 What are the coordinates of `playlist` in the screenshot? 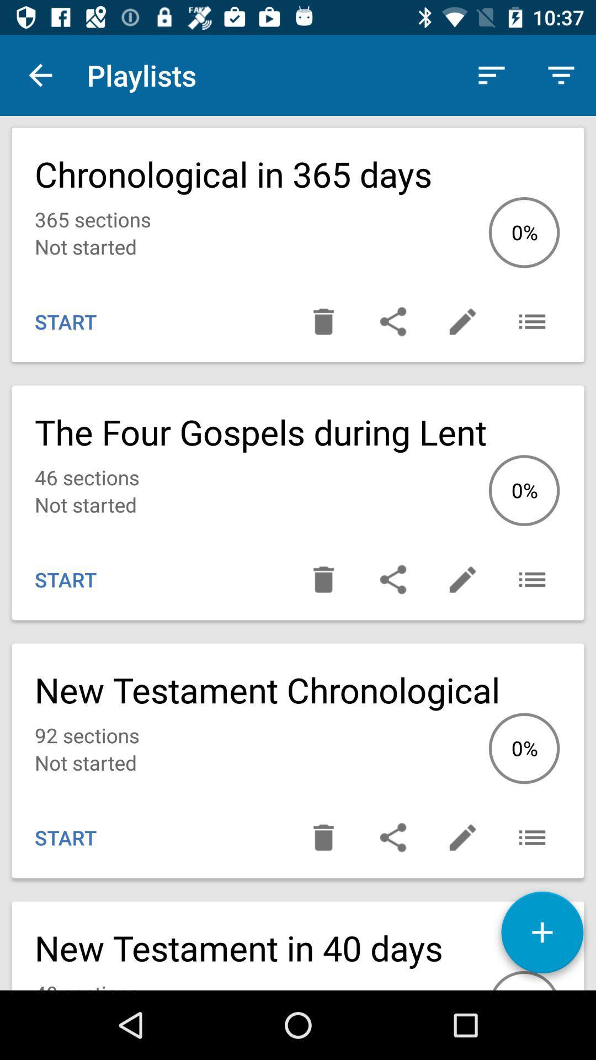 It's located at (541, 936).